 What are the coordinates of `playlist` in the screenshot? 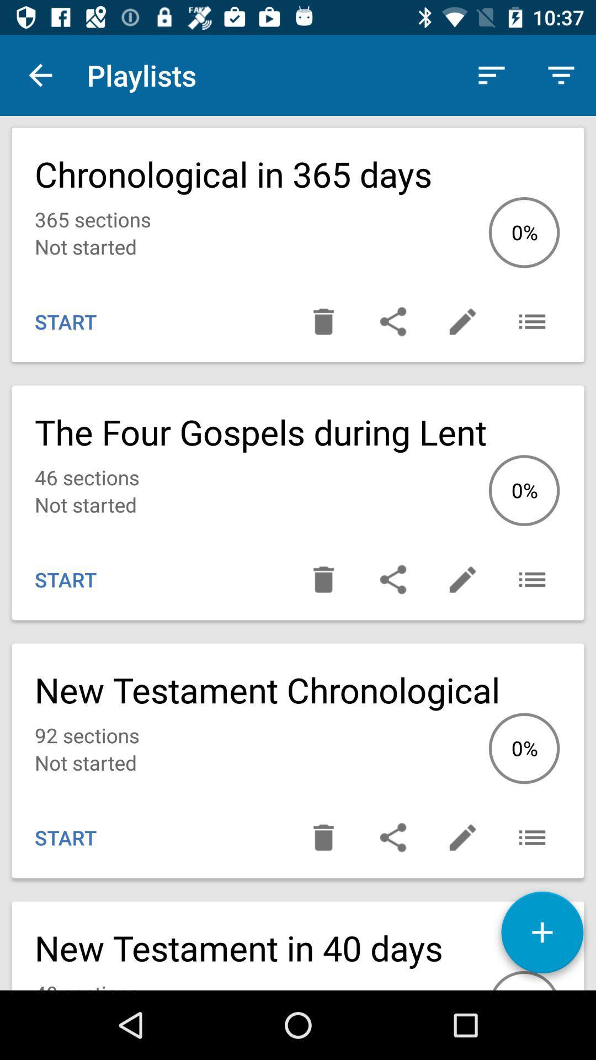 It's located at (541, 936).